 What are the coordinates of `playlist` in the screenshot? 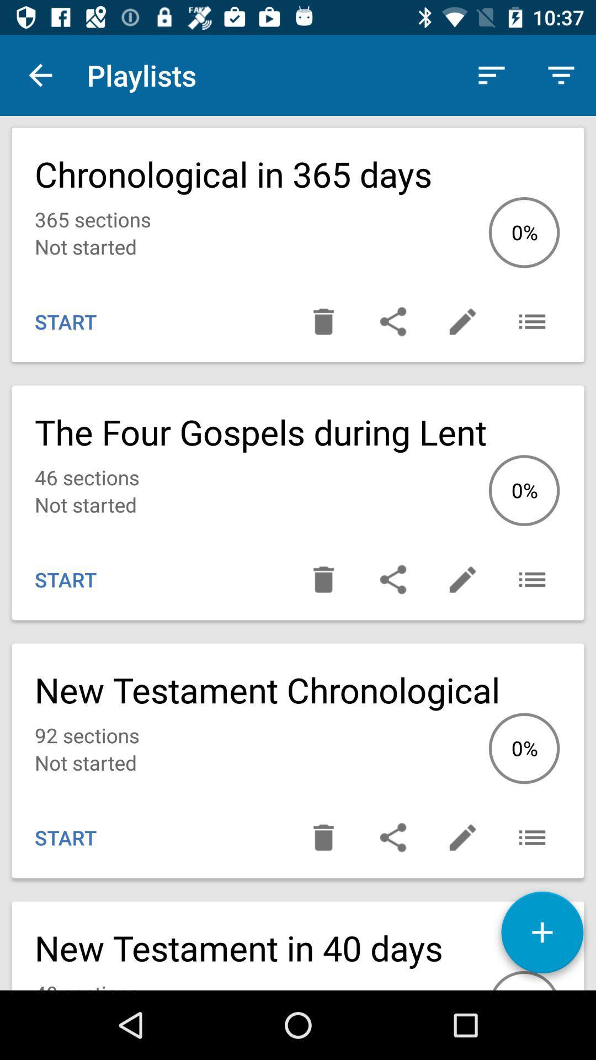 It's located at (541, 936).